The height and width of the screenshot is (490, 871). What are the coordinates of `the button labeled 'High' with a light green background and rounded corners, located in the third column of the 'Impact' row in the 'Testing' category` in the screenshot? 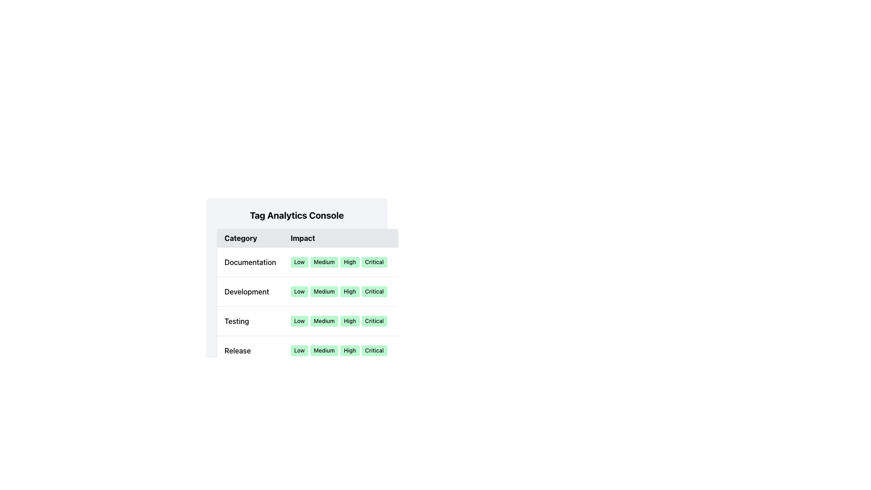 It's located at (349, 321).